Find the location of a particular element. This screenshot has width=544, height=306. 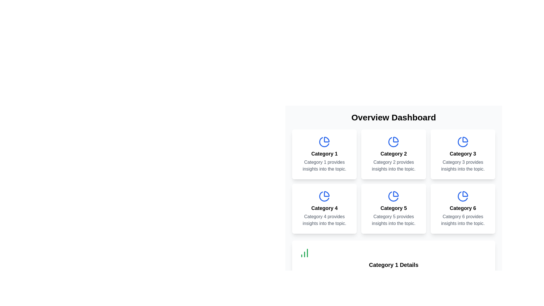

the analytics icon located near the top left corner of the 'Category 1 Details' section, positioned above the heading and to the left of the descriptive text is located at coordinates (304, 253).